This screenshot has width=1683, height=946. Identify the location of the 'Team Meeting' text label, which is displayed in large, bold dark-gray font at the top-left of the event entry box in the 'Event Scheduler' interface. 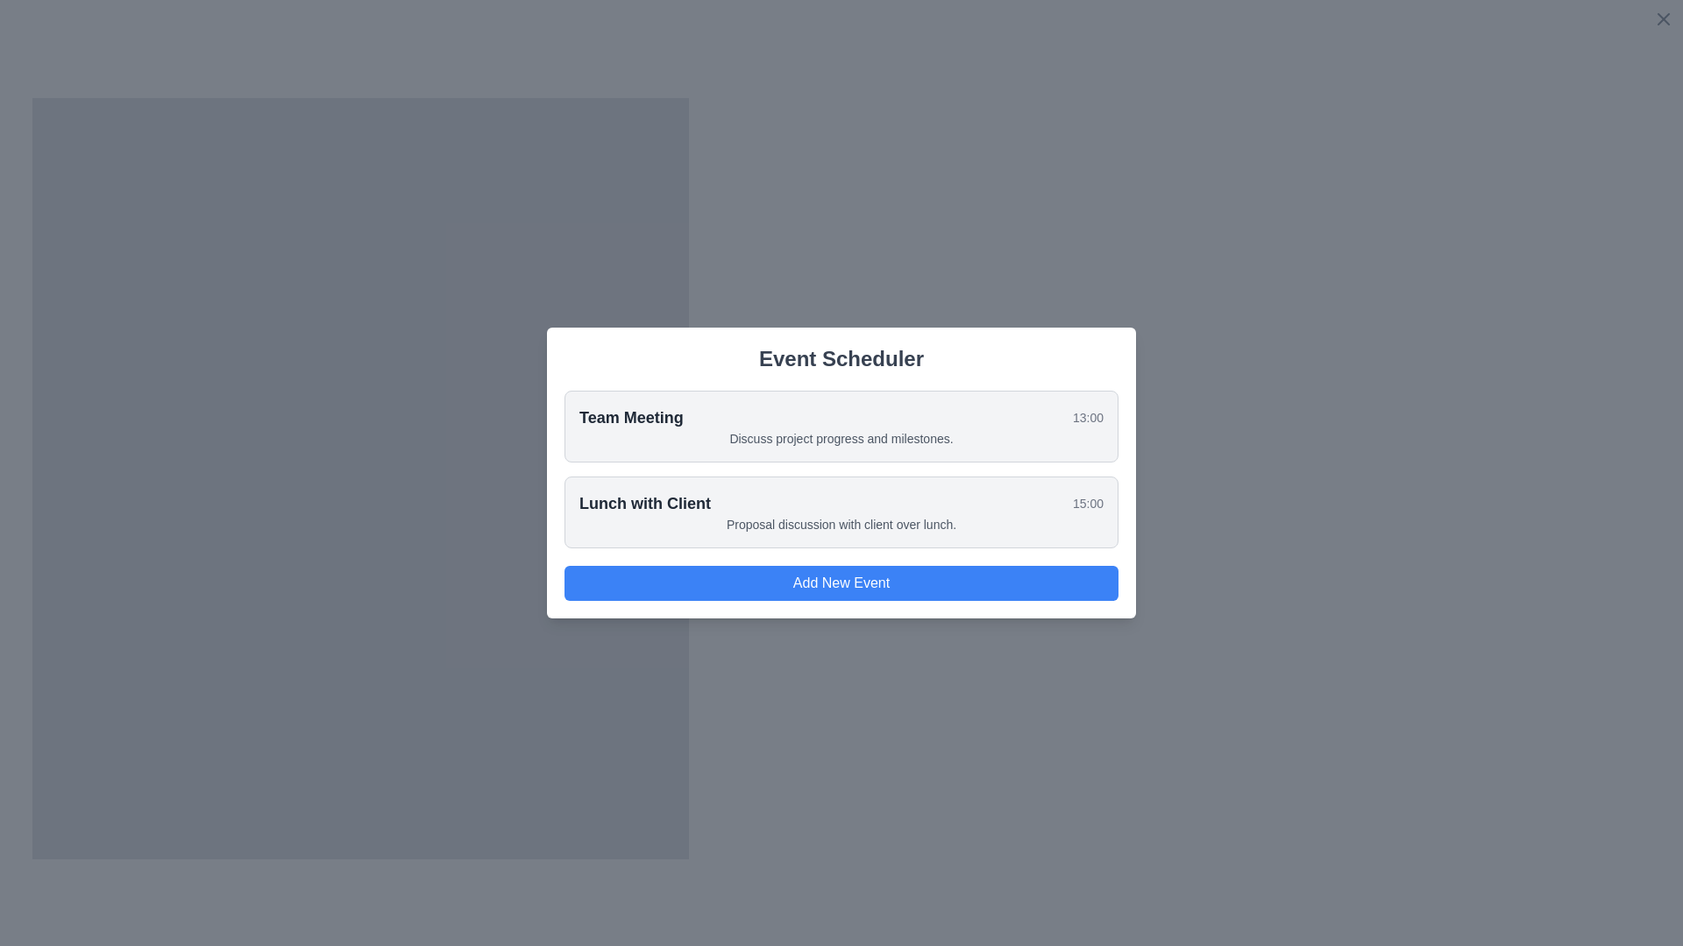
(631, 418).